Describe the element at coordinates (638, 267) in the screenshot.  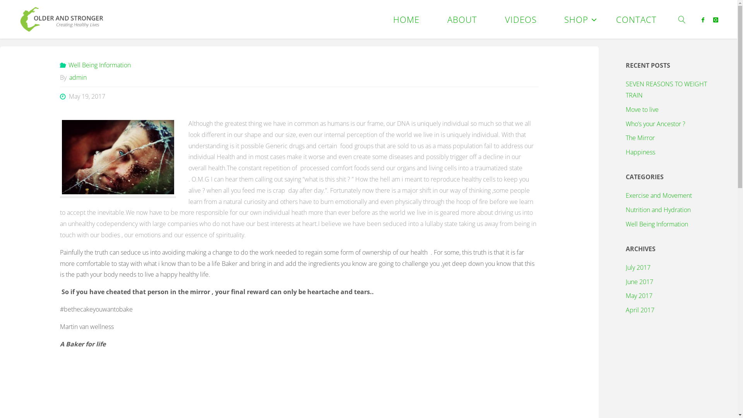
I see `'July 2017'` at that location.